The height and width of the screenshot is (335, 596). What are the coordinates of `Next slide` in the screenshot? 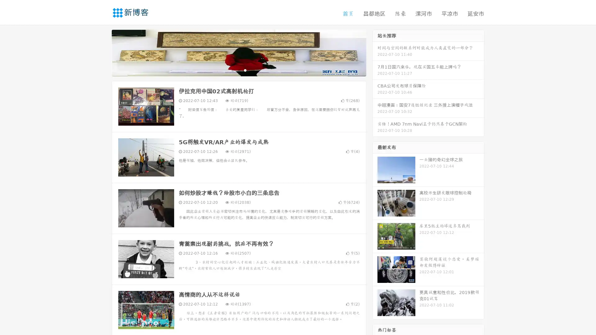 It's located at (375, 52).